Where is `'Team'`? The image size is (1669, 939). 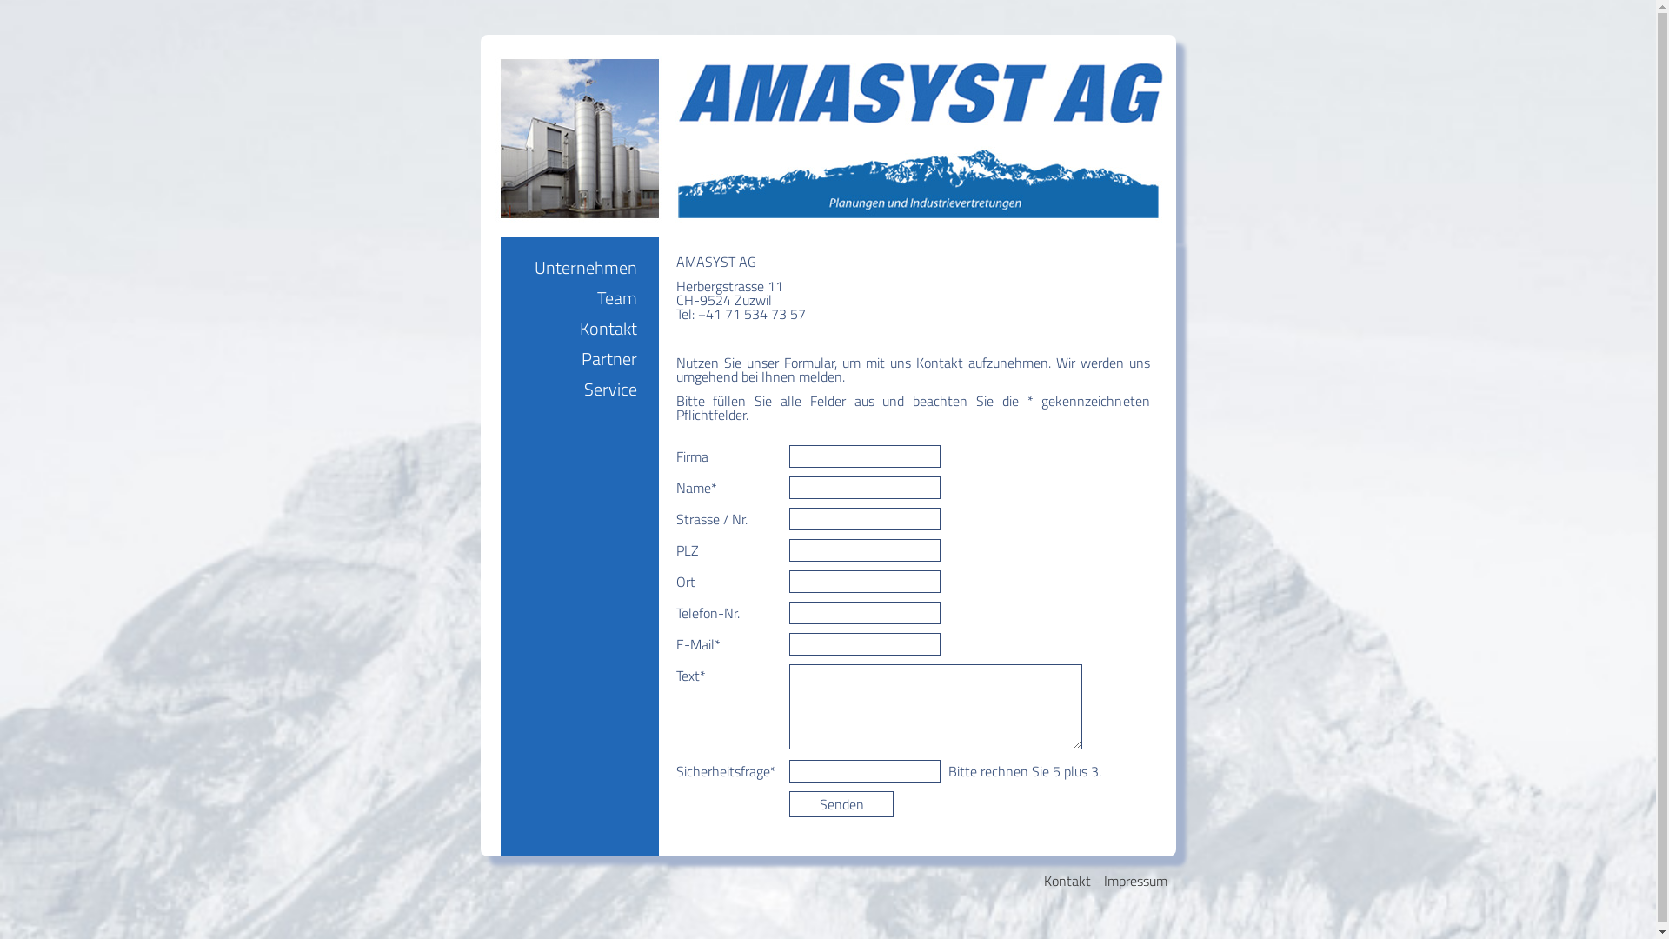 'Team' is located at coordinates (616, 296).